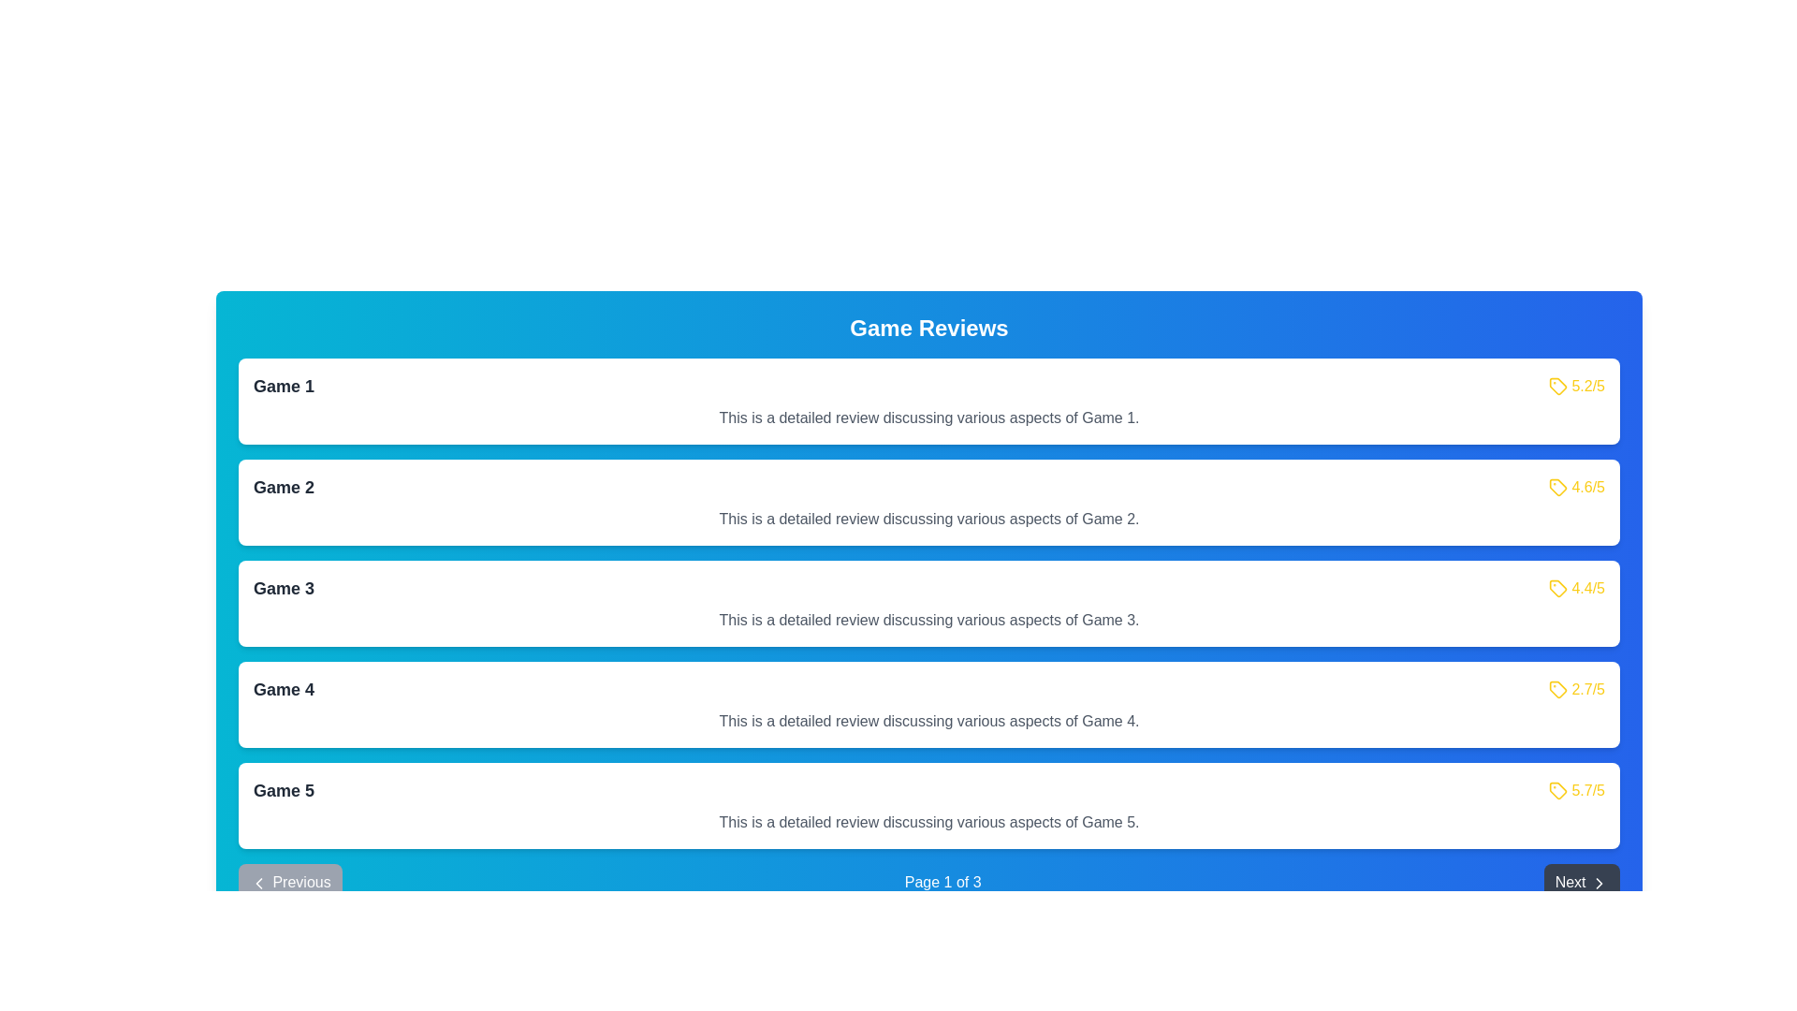 The image size is (1797, 1011). What do you see at coordinates (1576, 790) in the screenshot?
I see `rating value displayed in the rating indicator for 'Game 5', which shows a score of '5.7 out of 5'` at bounding box center [1576, 790].